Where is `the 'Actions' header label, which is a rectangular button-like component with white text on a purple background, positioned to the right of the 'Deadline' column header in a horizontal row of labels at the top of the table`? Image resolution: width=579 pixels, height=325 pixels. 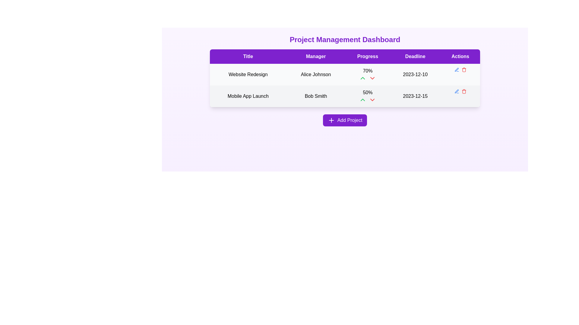 the 'Actions' header label, which is a rectangular button-like component with white text on a purple background, positioned to the right of the 'Deadline' column header in a horizontal row of labels at the top of the table is located at coordinates (460, 57).